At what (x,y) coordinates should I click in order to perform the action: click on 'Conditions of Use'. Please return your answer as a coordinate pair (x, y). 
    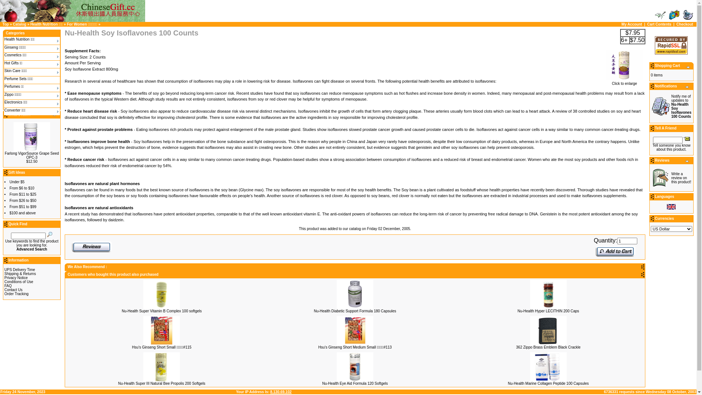
    Looking at the image, I should click on (19, 281).